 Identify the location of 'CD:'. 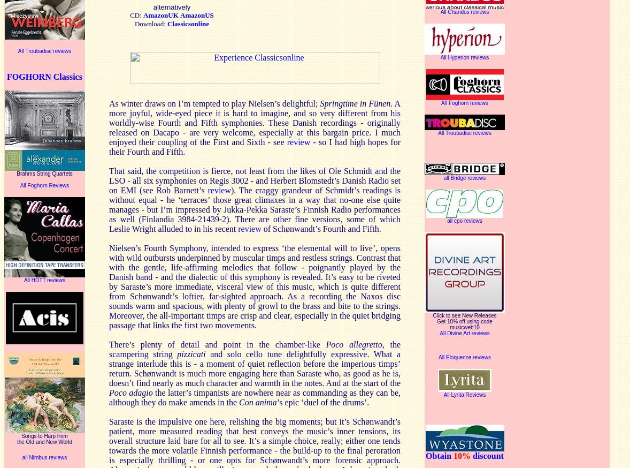
(136, 14).